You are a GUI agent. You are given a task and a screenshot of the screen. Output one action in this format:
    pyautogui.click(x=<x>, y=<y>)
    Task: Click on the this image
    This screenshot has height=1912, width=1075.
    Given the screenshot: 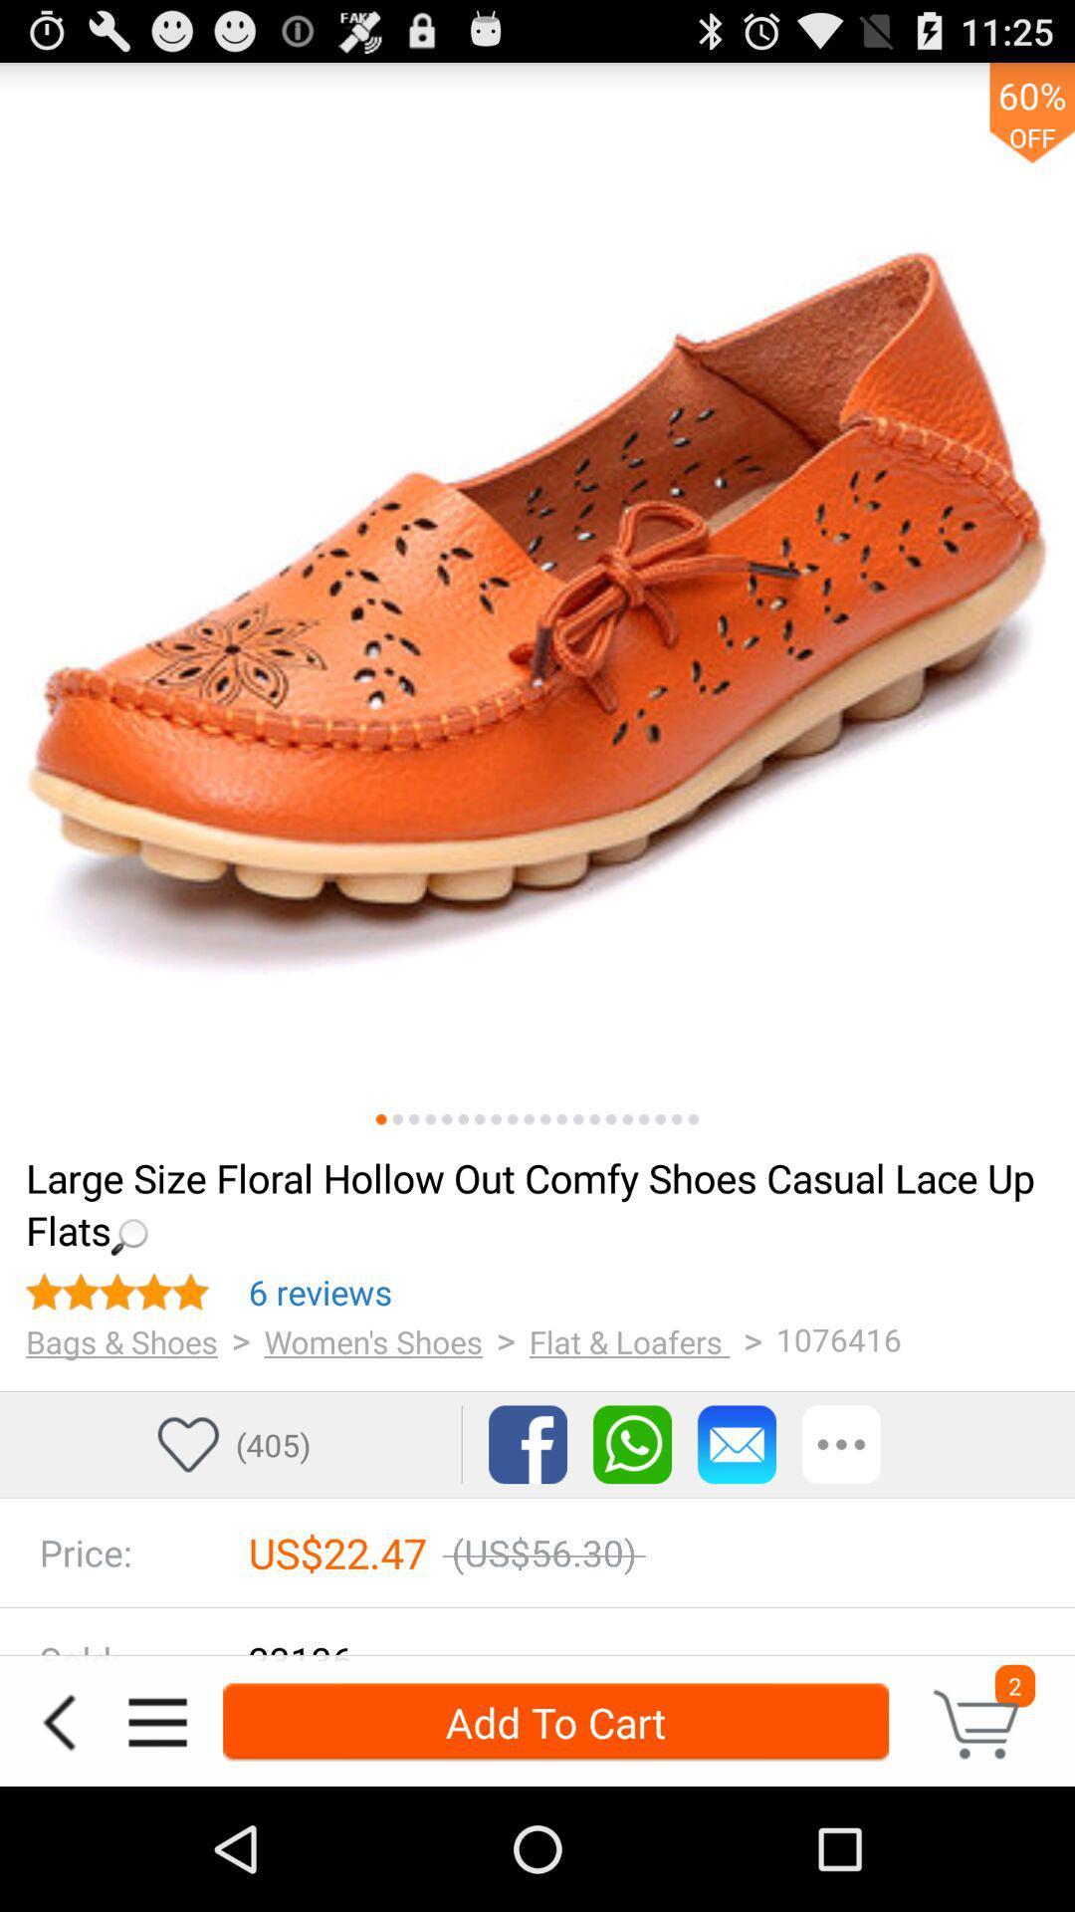 What is the action you would take?
    pyautogui.click(x=545, y=1119)
    